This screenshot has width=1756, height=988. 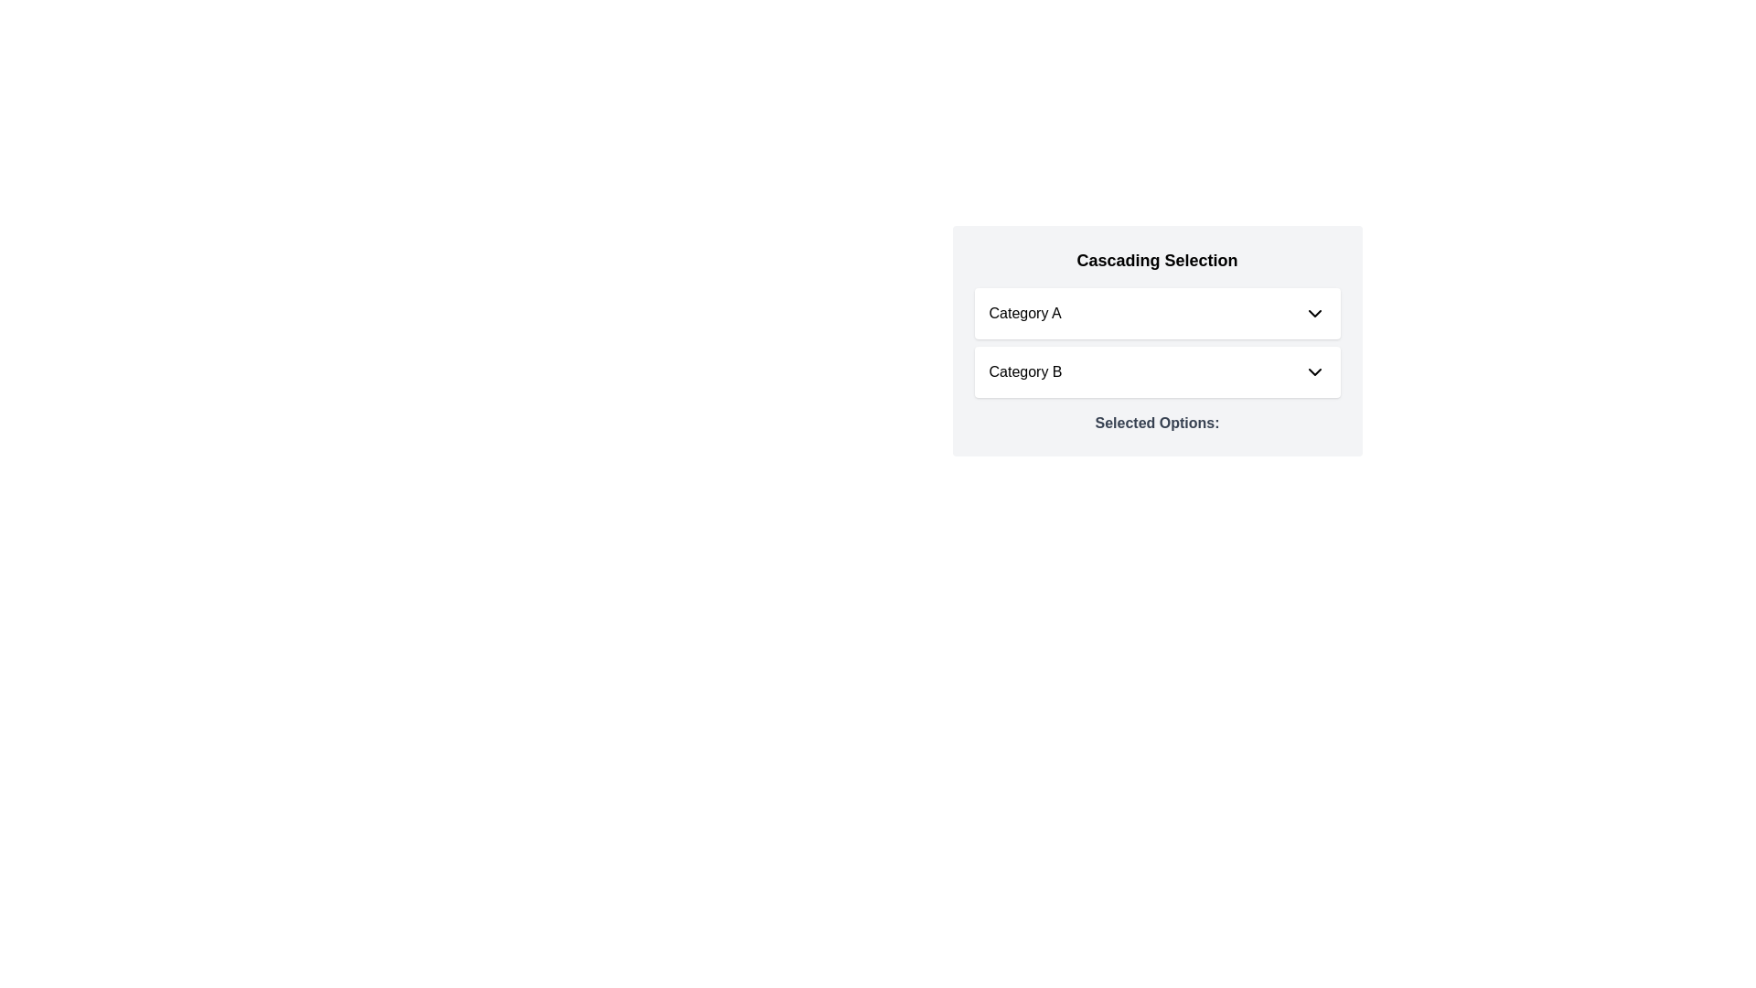 I want to click on the first dropdown selector in the vertical list, so click(x=1156, y=313).